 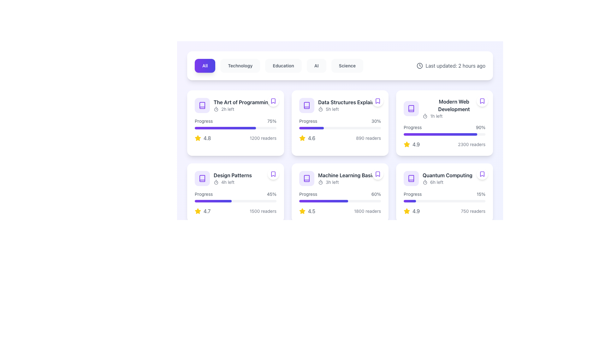 What do you see at coordinates (482, 100) in the screenshot?
I see `the circular button with a white background and a purple bookmark icon, located at the top-right corner of the 'Modern Web Development' card for keyboard navigation` at bounding box center [482, 100].